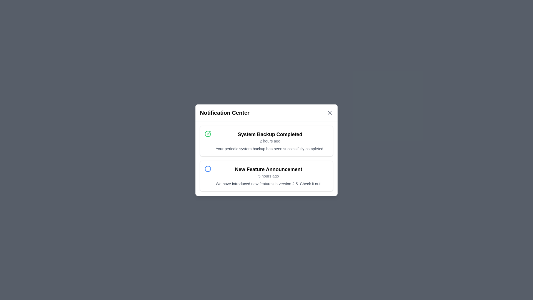 The width and height of the screenshot is (533, 300). Describe the element at coordinates (270, 141) in the screenshot. I see `text element displaying '2 hours ago', which is located below the title 'System Backup Completed' and above the description in the upper notification card of the 'Notification Center' modal` at that location.